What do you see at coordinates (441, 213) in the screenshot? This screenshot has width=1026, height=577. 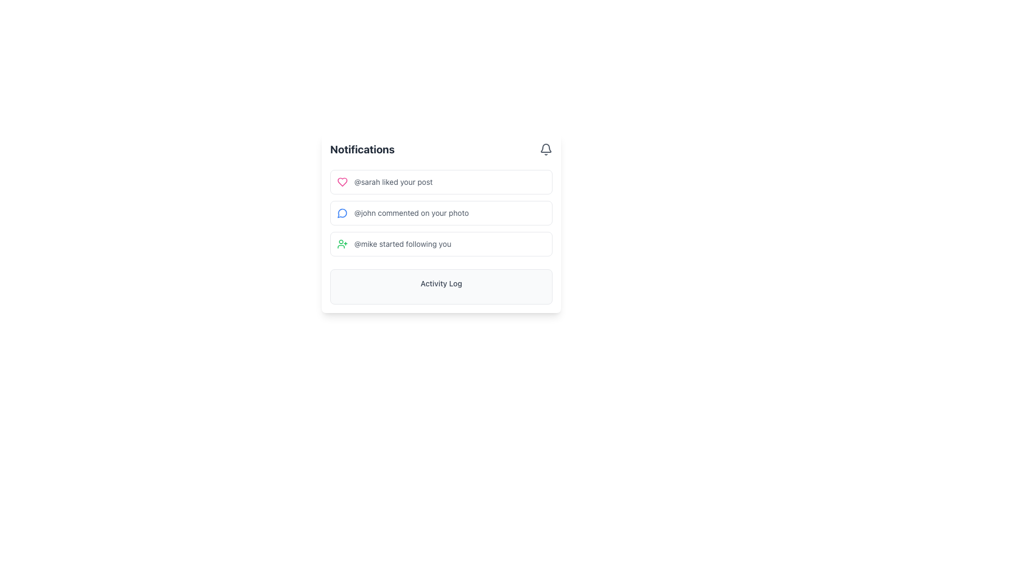 I see `the Notification list` at bounding box center [441, 213].